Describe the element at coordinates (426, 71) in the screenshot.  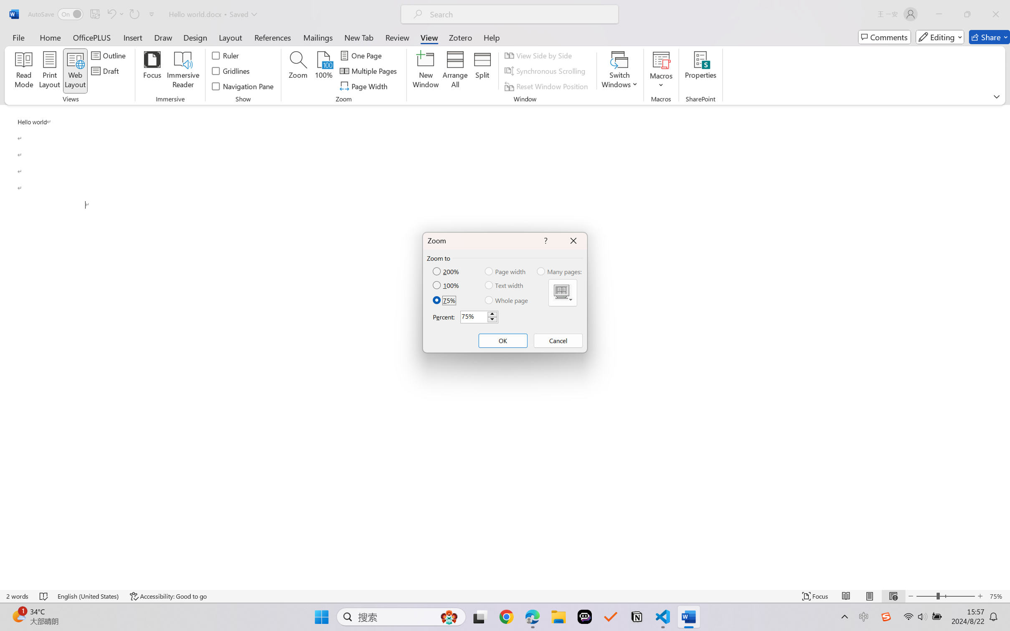
I see `'New Window'` at that location.